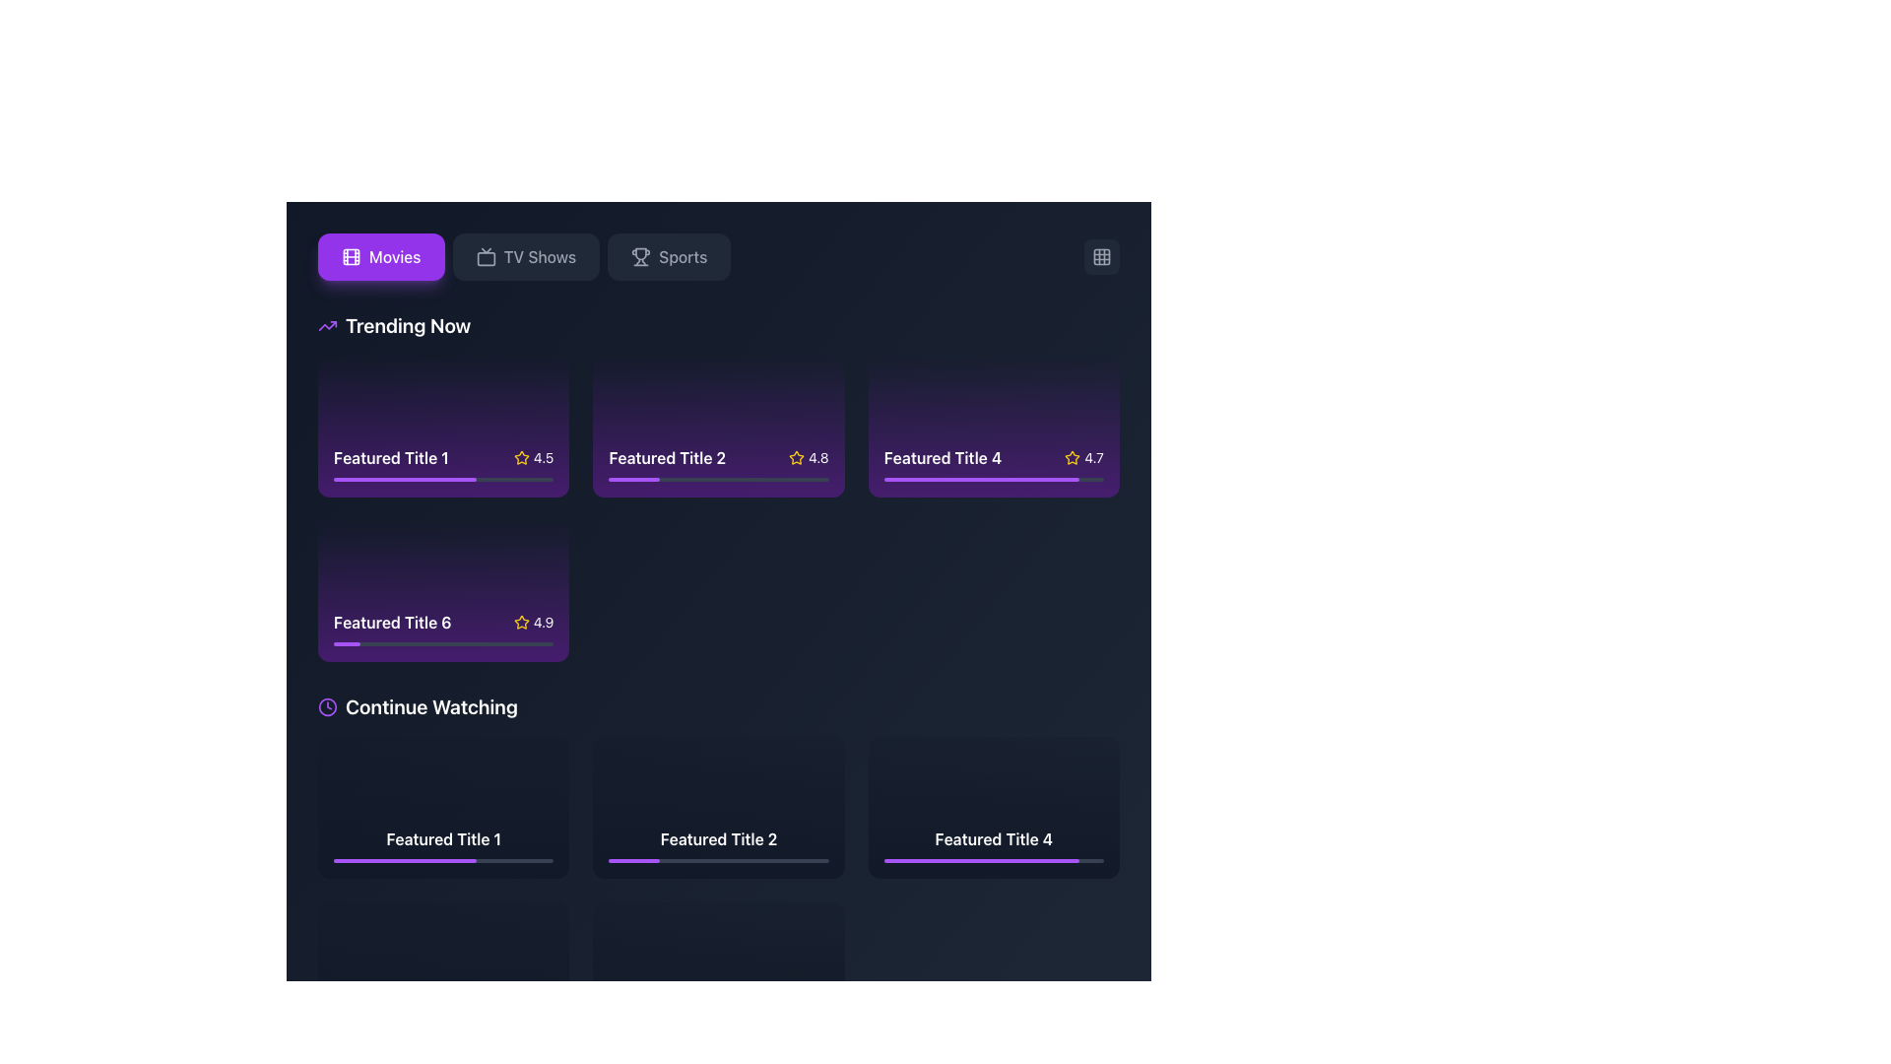  I want to click on the progress bar located near the bottom of the card labeled 'Featured Title 2' in the 'Continue Watching' section, which is the second card in a horizontal list of similar elements, so click(717, 859).